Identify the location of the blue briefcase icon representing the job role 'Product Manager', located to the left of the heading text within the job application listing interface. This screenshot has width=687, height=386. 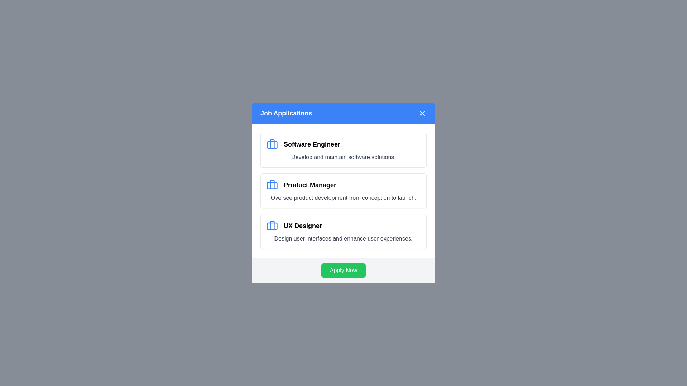
(272, 184).